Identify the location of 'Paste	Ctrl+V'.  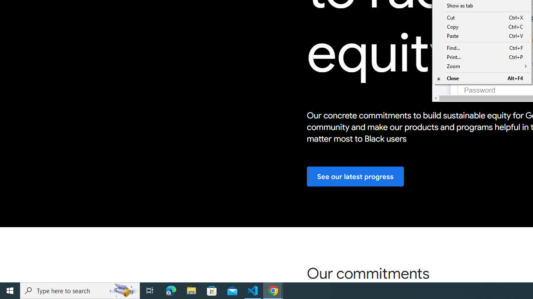
(482, 36).